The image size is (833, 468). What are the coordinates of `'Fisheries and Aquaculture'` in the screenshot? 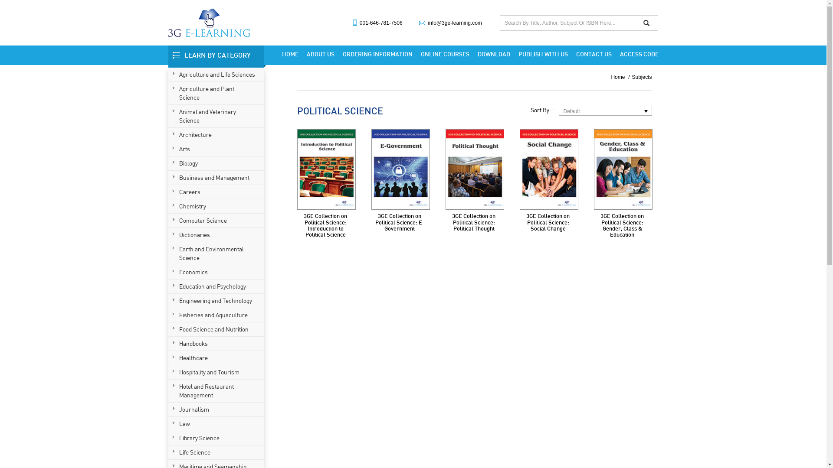 It's located at (216, 315).